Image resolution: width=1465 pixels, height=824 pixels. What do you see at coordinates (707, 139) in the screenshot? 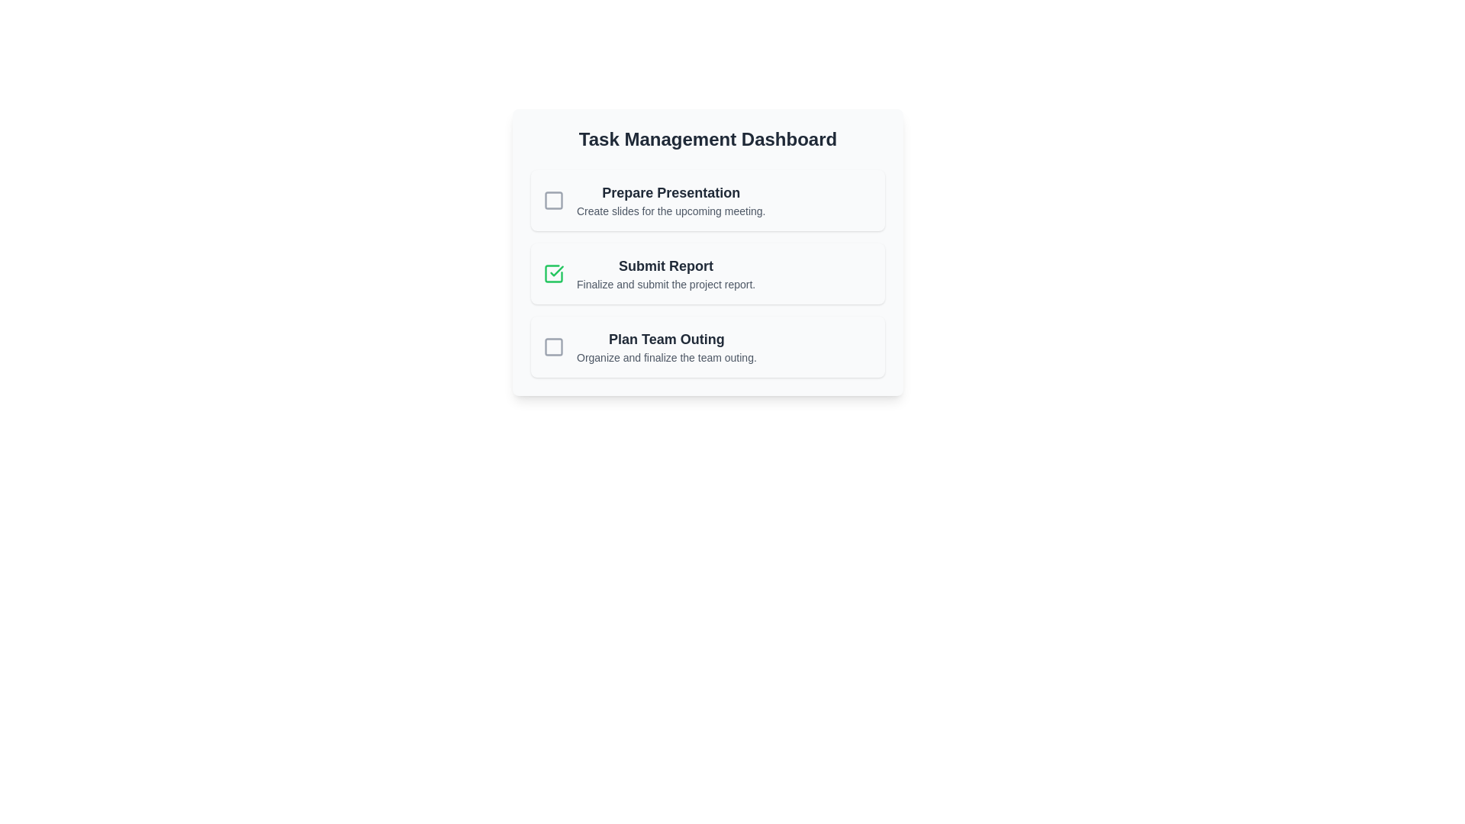
I see `the heading text 'Task Management Dashboard' for copying` at bounding box center [707, 139].